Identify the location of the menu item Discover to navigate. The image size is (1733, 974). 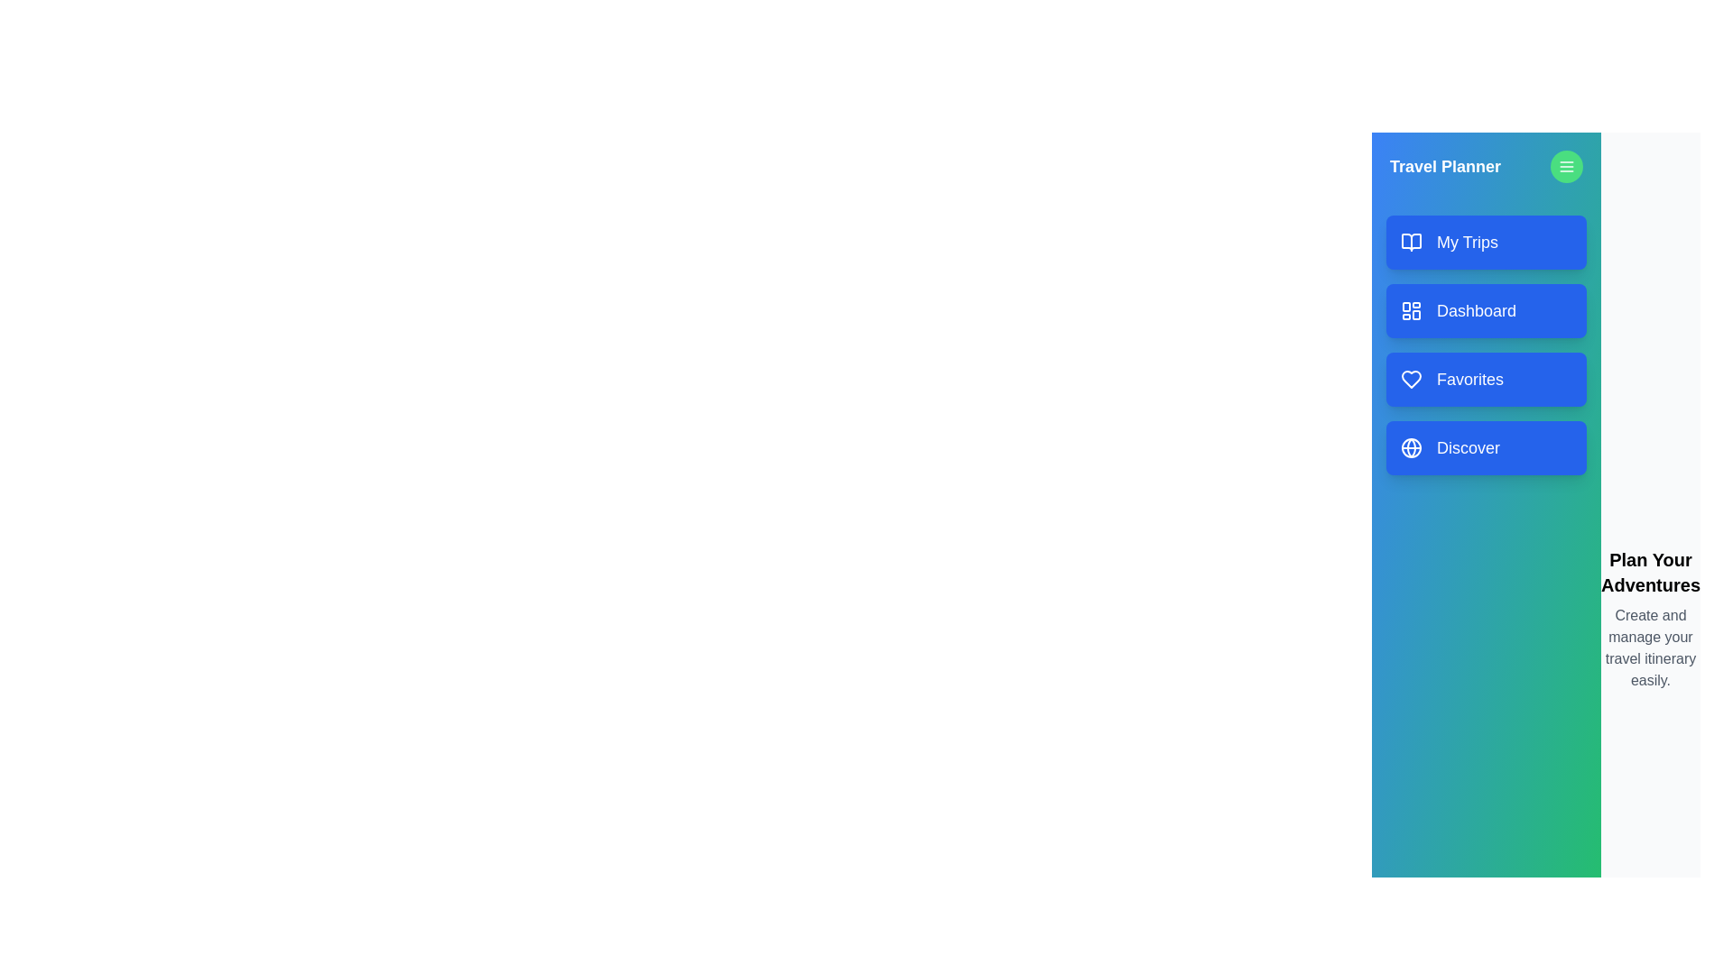
(1486, 447).